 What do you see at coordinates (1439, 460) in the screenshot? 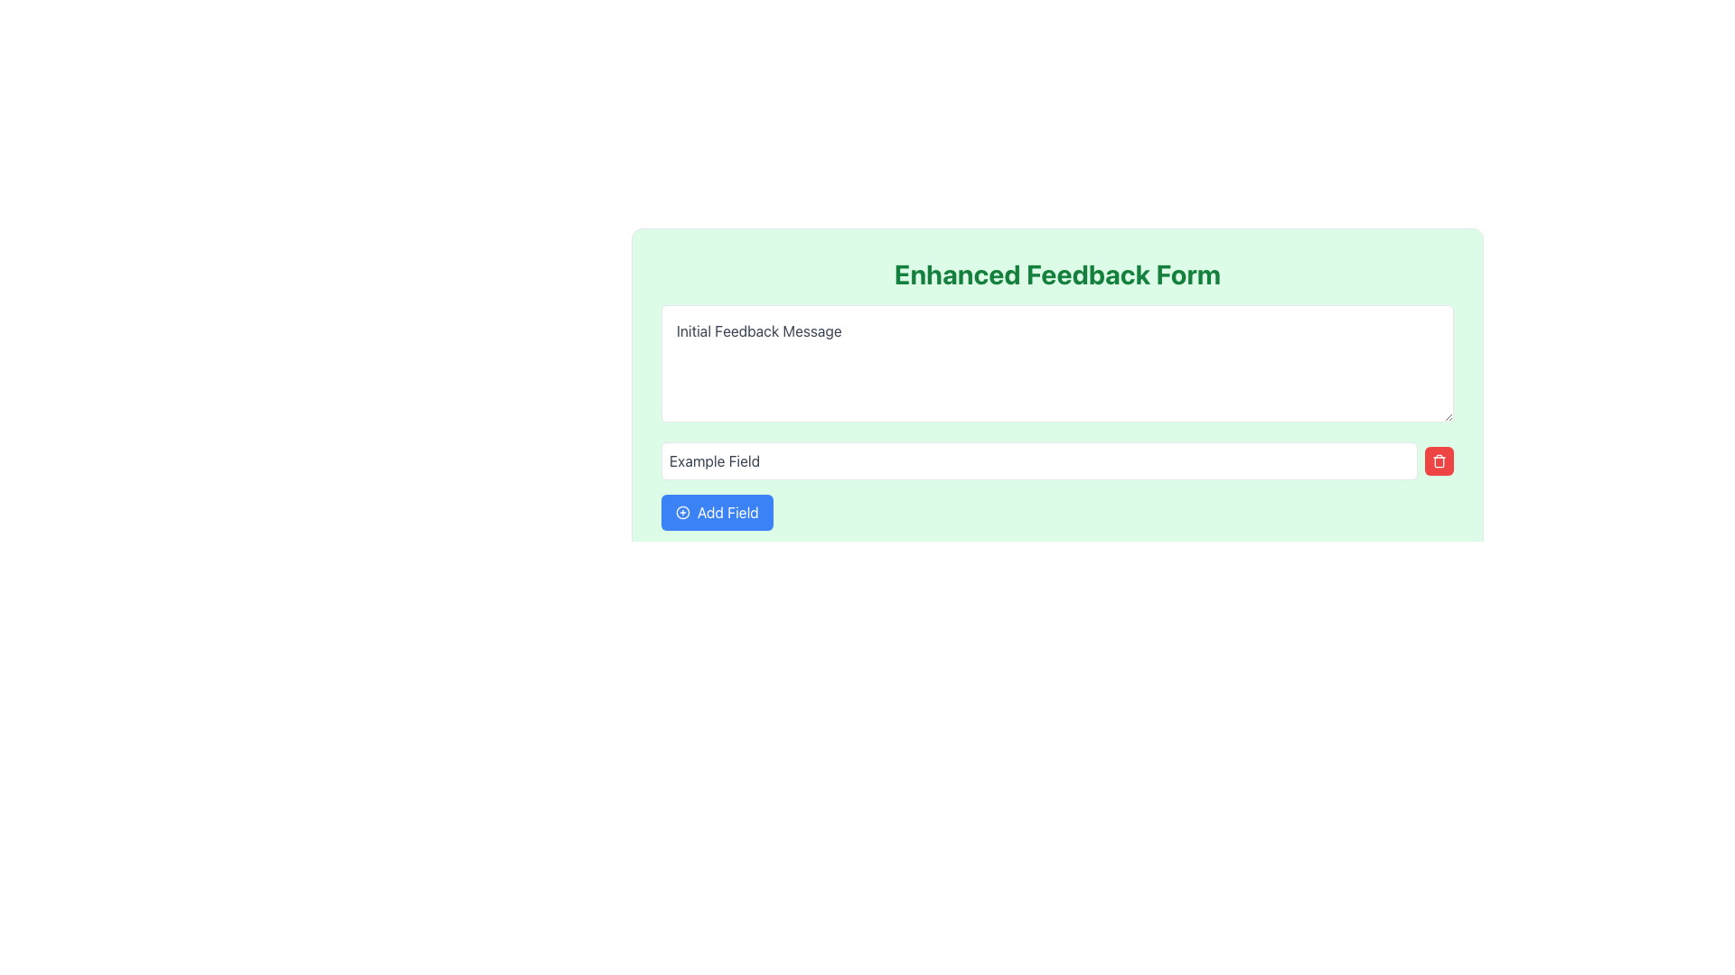
I see `the delete icon within the red button that allows for the removal of the adjacent 'Example Field' input in the form layout` at bounding box center [1439, 460].